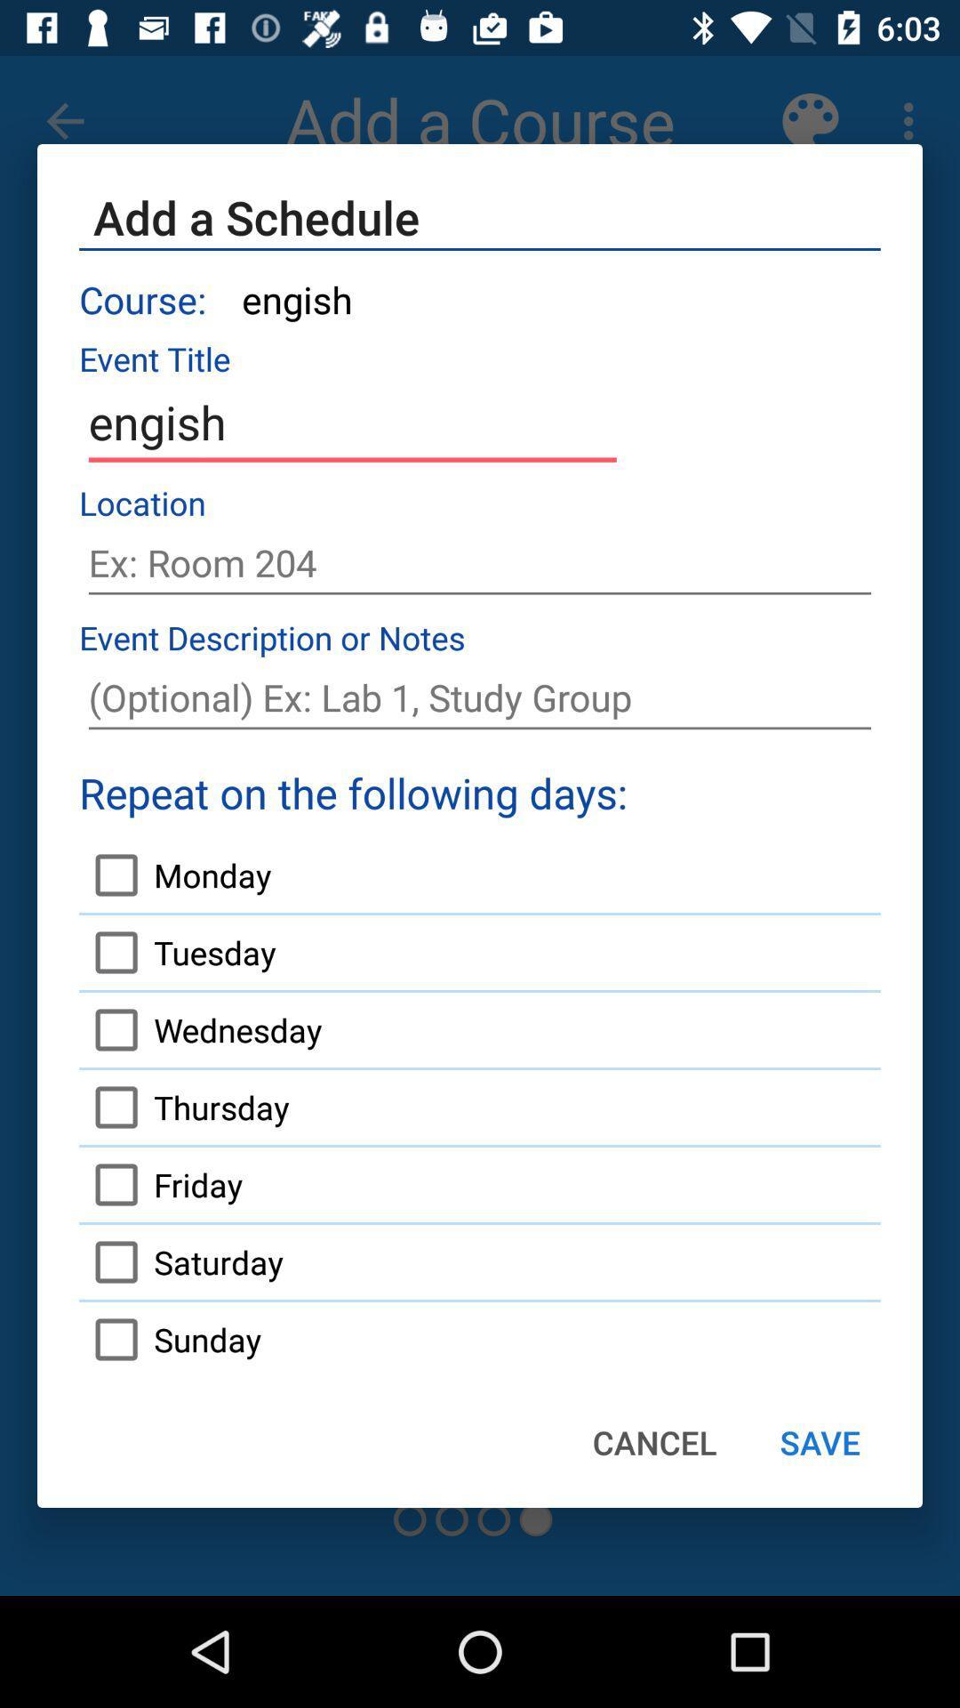 This screenshot has height=1708, width=960. I want to click on item to the right of sunday icon, so click(654, 1442).